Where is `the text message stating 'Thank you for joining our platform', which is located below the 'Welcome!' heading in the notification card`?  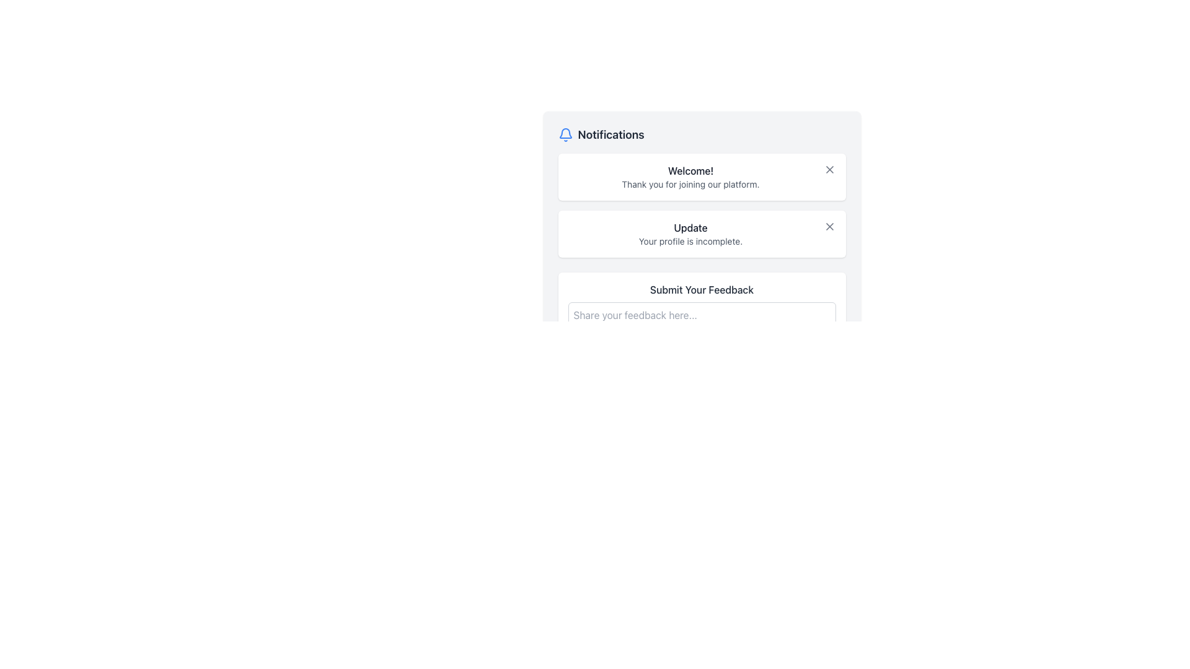 the text message stating 'Thank you for joining our platform', which is located below the 'Welcome!' heading in the notification card is located at coordinates (690, 184).